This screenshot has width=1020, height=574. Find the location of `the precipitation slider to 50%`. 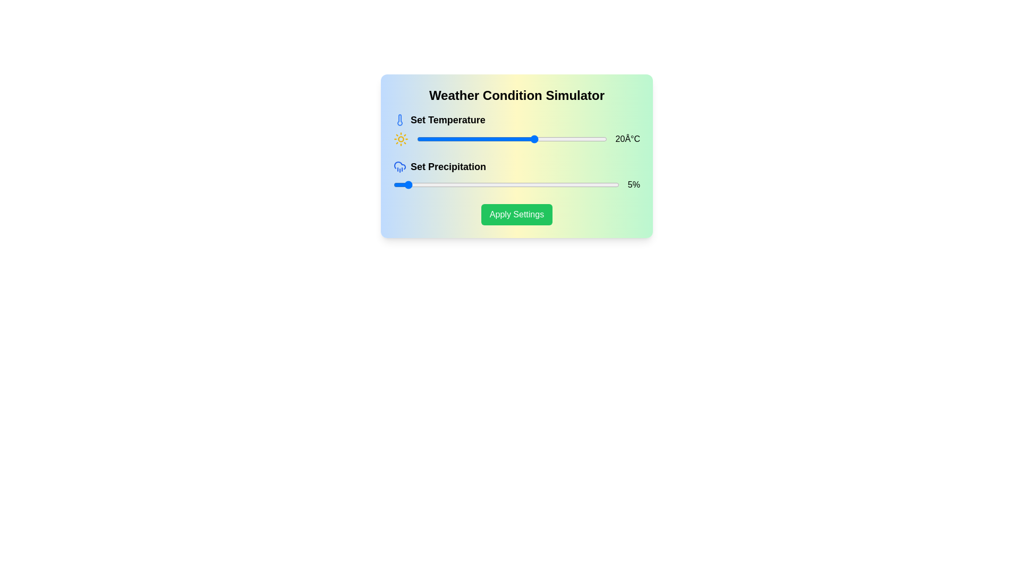

the precipitation slider to 50% is located at coordinates (506, 184).